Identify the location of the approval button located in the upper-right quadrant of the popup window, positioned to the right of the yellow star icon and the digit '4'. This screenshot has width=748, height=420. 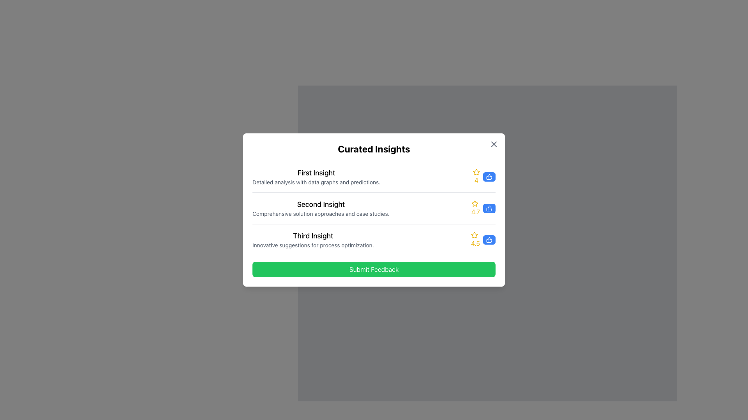
(489, 177).